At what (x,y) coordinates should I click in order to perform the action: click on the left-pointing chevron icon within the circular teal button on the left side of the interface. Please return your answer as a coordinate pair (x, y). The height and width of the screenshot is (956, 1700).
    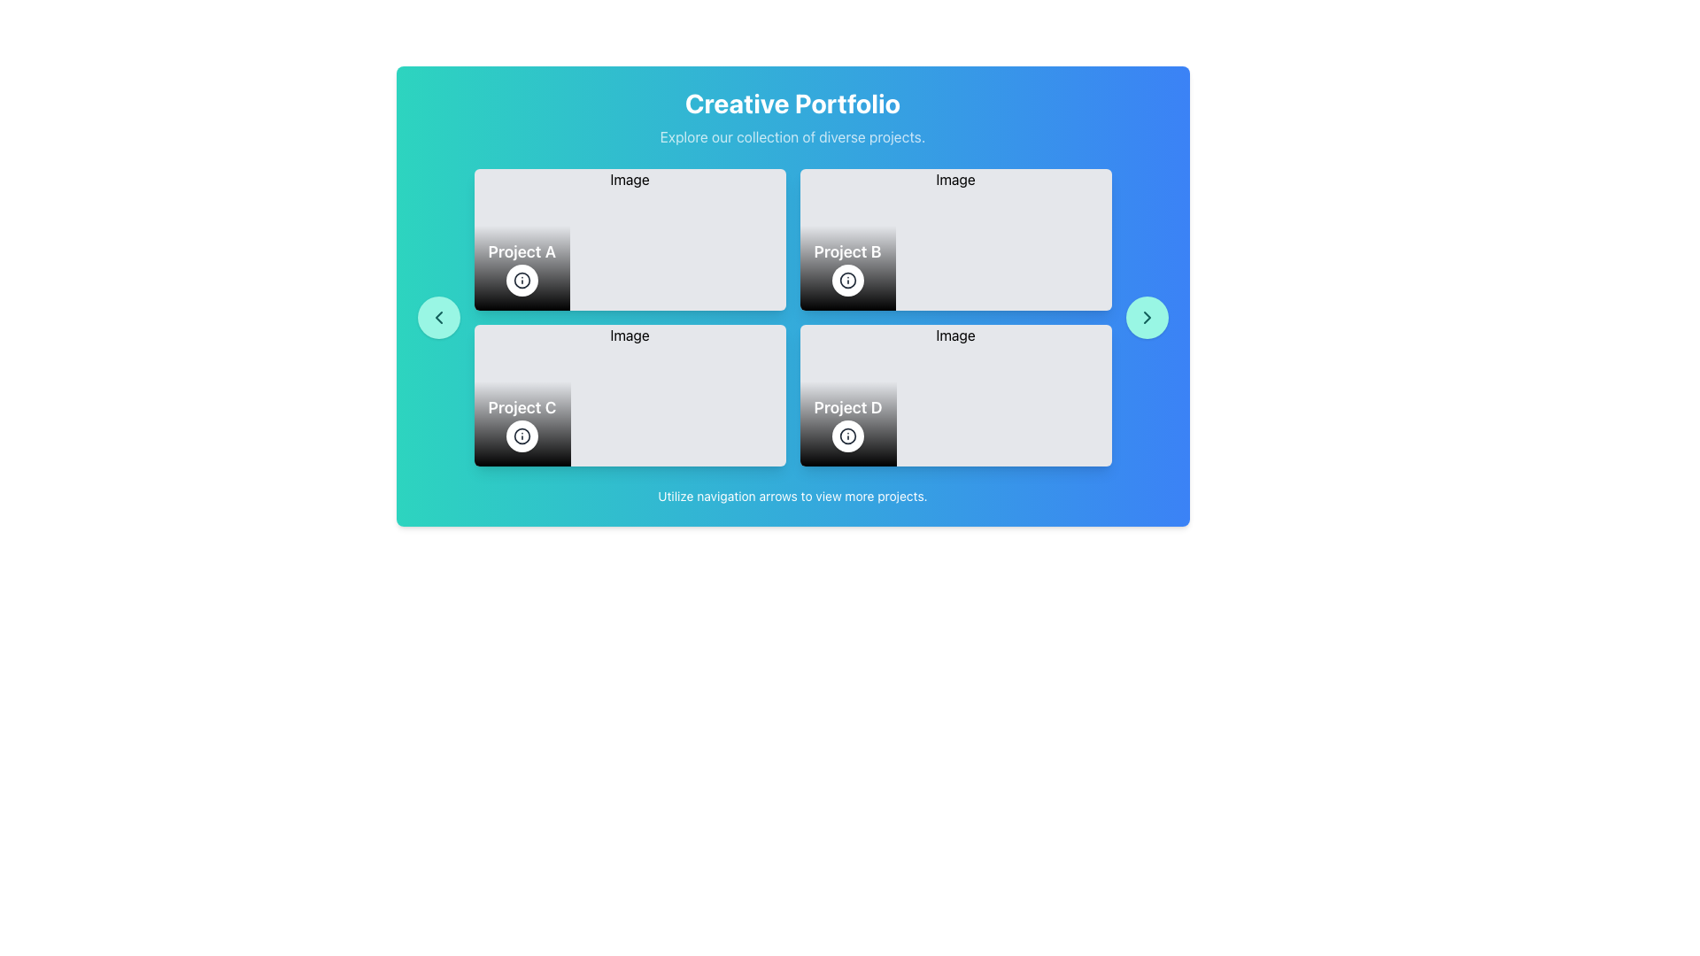
    Looking at the image, I should click on (438, 316).